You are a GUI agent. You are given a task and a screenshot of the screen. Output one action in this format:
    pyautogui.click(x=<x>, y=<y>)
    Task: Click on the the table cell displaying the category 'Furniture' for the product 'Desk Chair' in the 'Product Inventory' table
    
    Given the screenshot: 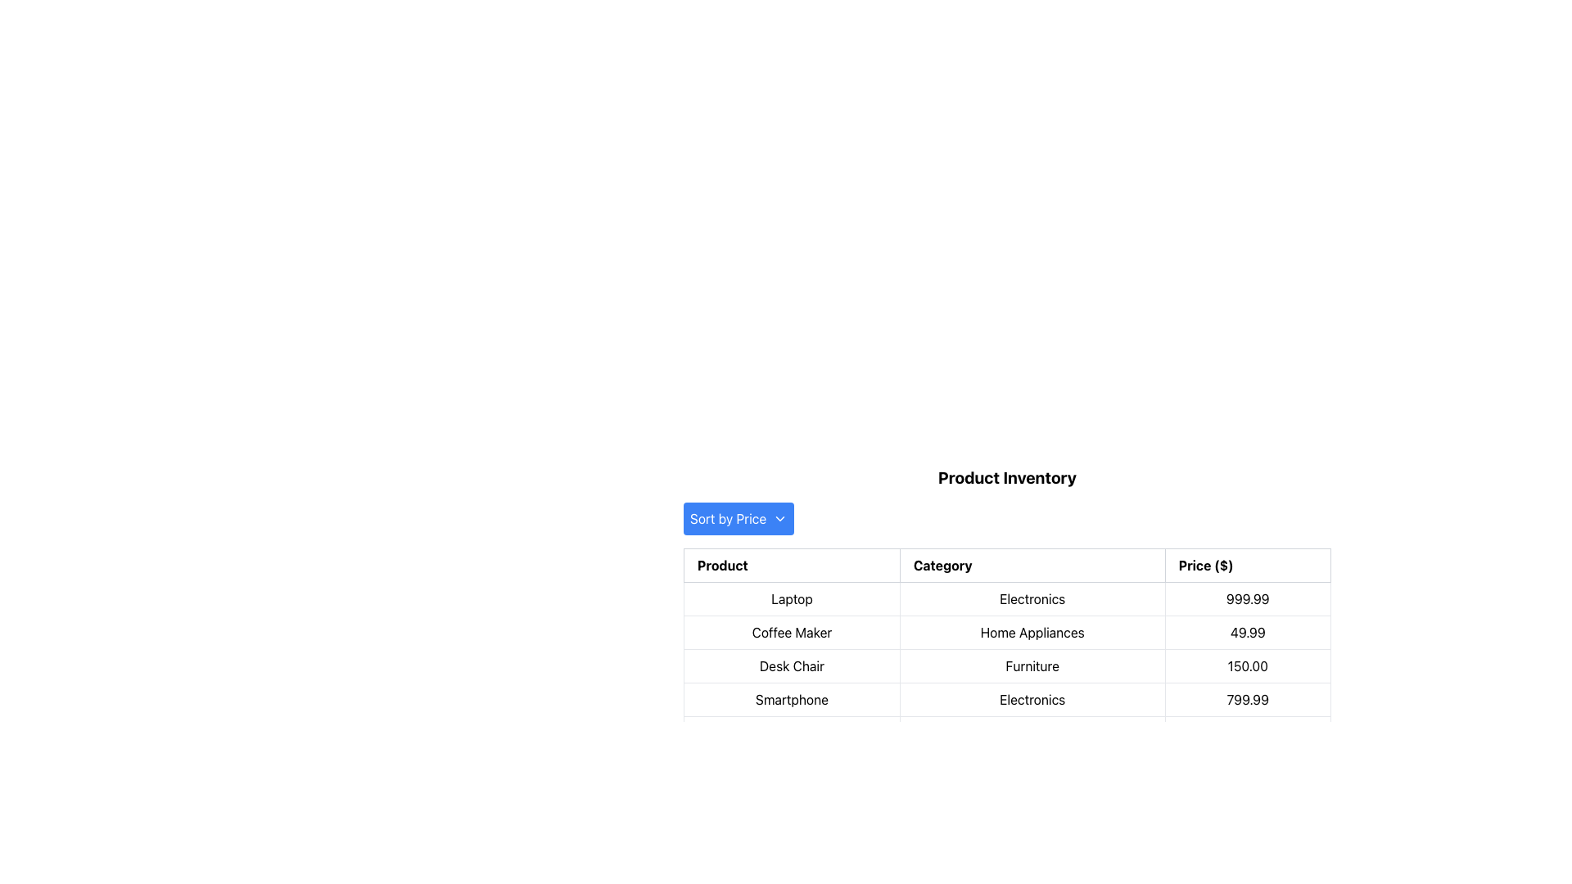 What is the action you would take?
    pyautogui.click(x=1006, y=665)
    